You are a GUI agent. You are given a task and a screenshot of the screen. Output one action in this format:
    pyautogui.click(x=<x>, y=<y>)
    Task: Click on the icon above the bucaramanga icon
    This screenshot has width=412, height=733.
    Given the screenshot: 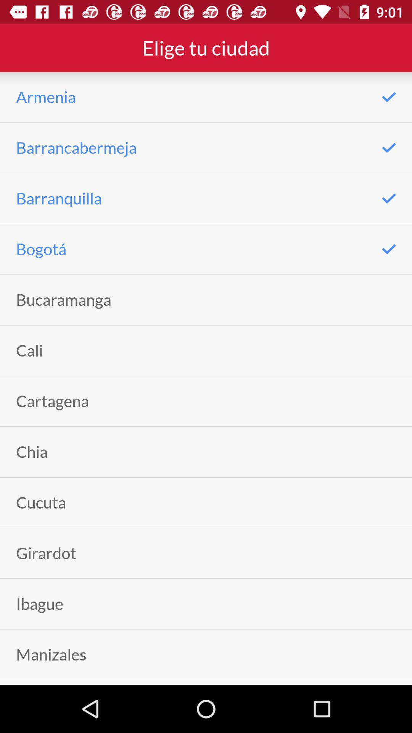 What is the action you would take?
    pyautogui.click(x=41, y=249)
    